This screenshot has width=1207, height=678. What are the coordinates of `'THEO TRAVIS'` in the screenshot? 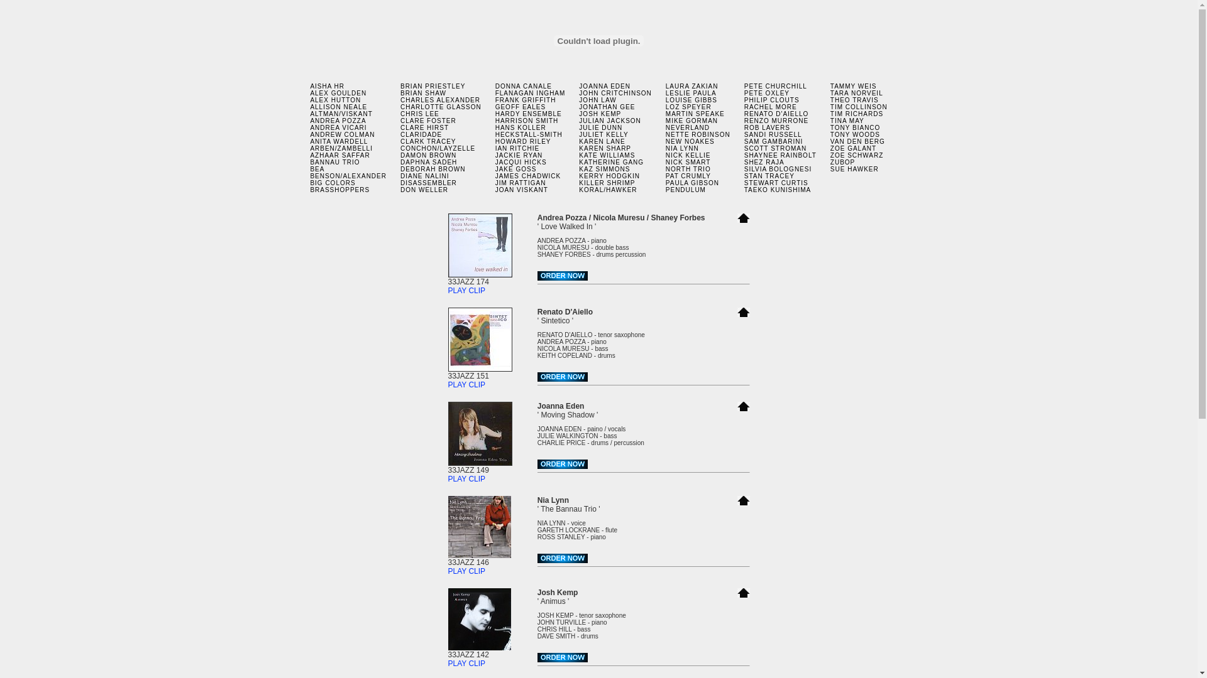 It's located at (854, 99).